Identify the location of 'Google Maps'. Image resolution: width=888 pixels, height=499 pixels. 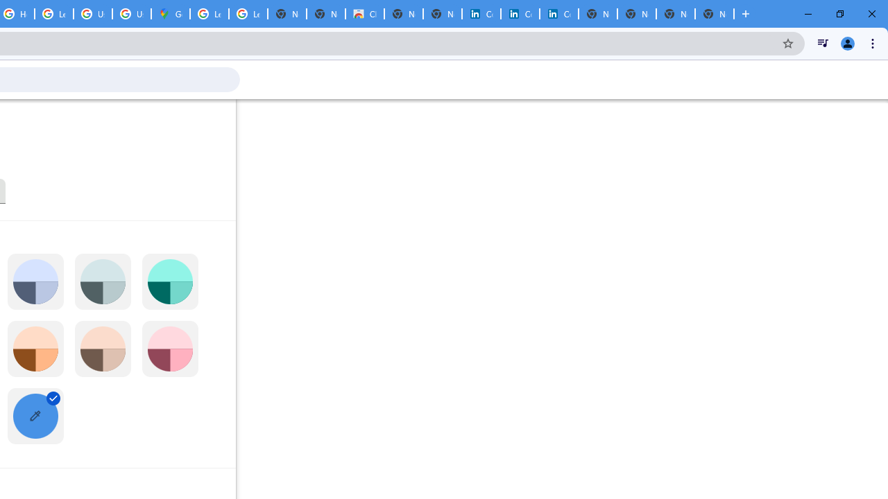
(169, 14).